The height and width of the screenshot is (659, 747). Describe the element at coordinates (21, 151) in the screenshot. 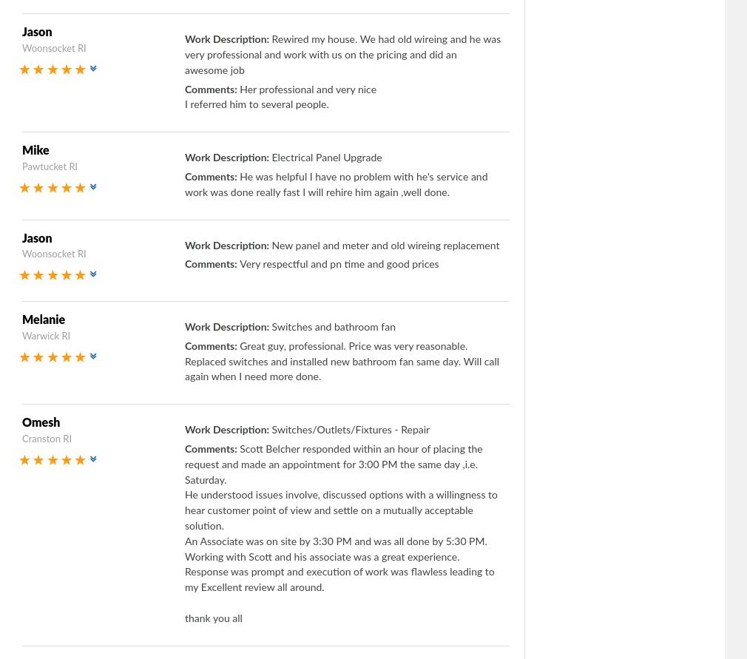

I see `'Mike'` at that location.